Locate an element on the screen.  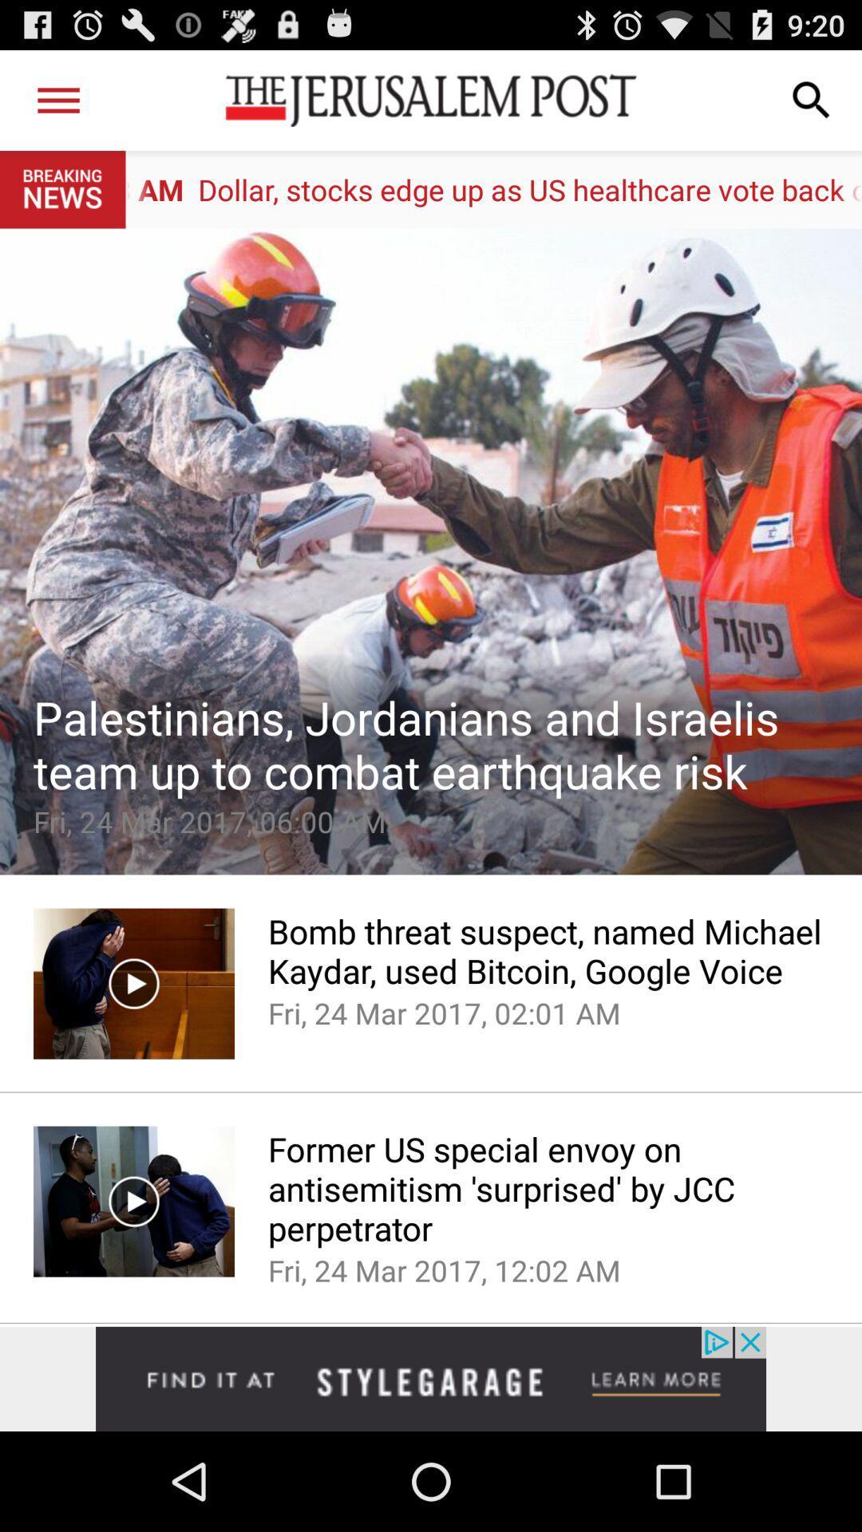
options is located at coordinates (57, 99).